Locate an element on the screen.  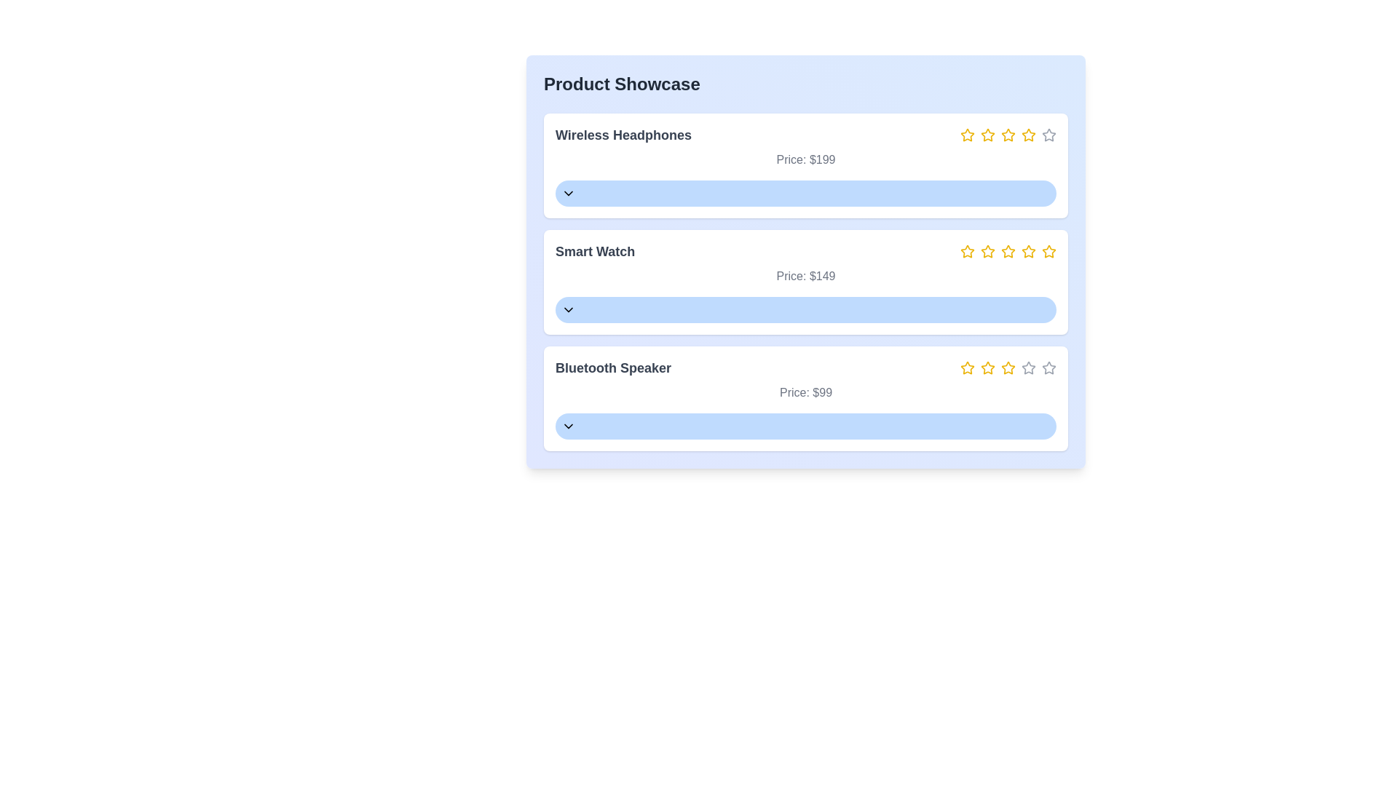
the fourth star icon in the rating row of the second product to update the rating is located at coordinates (1027, 250).